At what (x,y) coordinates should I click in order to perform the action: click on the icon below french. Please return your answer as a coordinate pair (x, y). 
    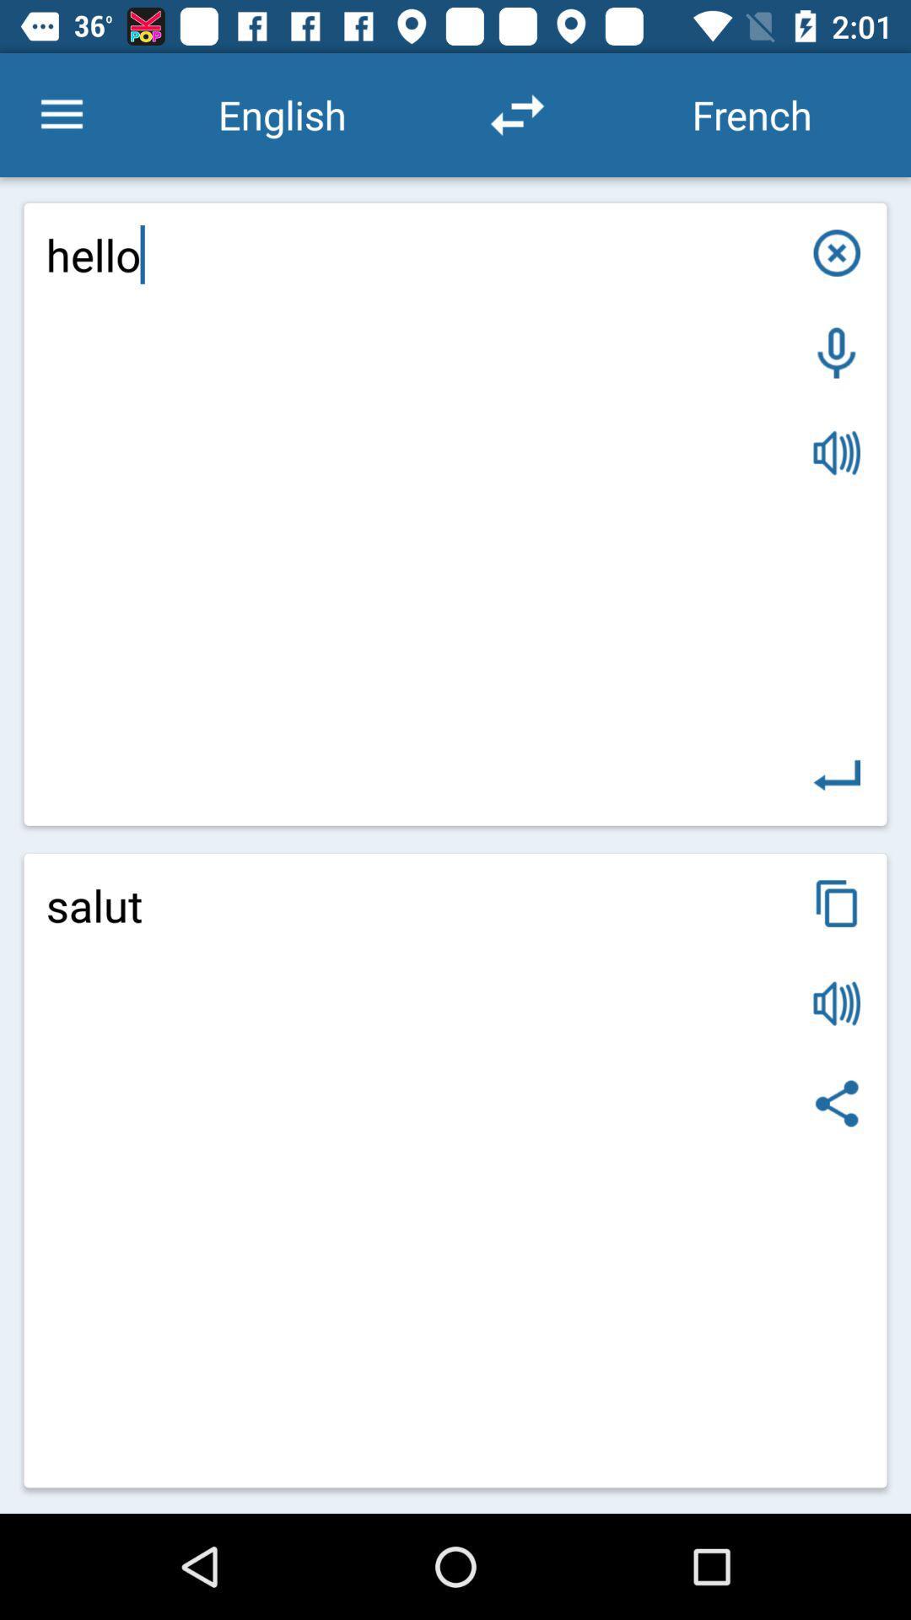
    Looking at the image, I should click on (837, 251).